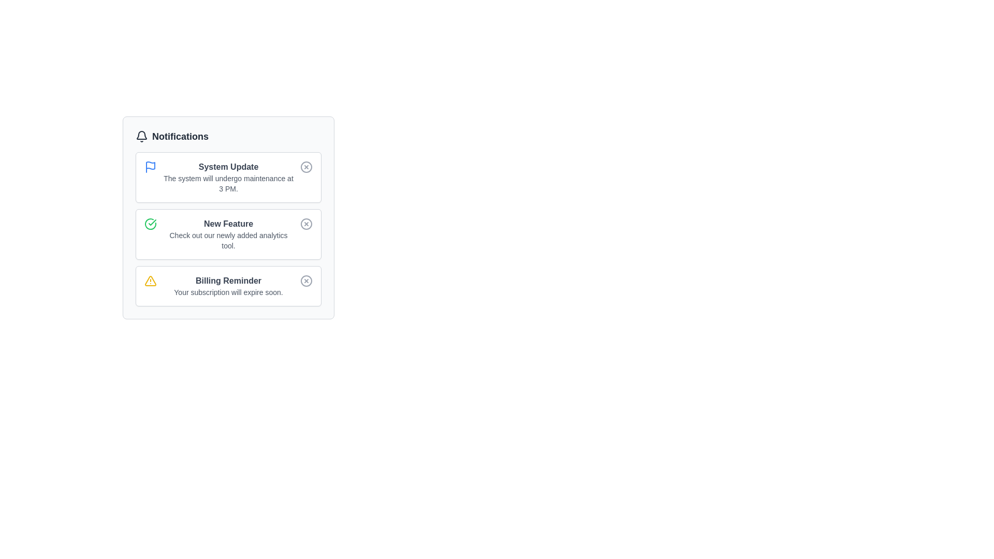 The image size is (994, 559). What do you see at coordinates (150, 281) in the screenshot?
I see `the triangular icon with rounded corners and a yellow outline located on the far left of the 'Billing Reminder' notification panel` at bounding box center [150, 281].